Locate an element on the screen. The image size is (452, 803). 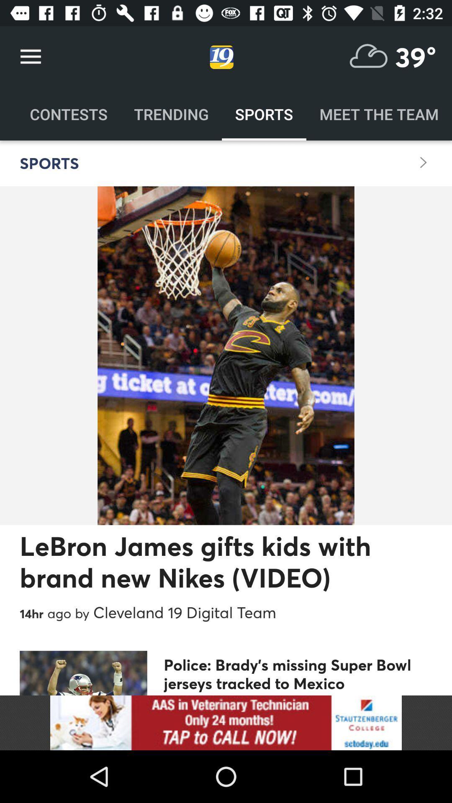
advertisement is located at coordinates (226, 722).